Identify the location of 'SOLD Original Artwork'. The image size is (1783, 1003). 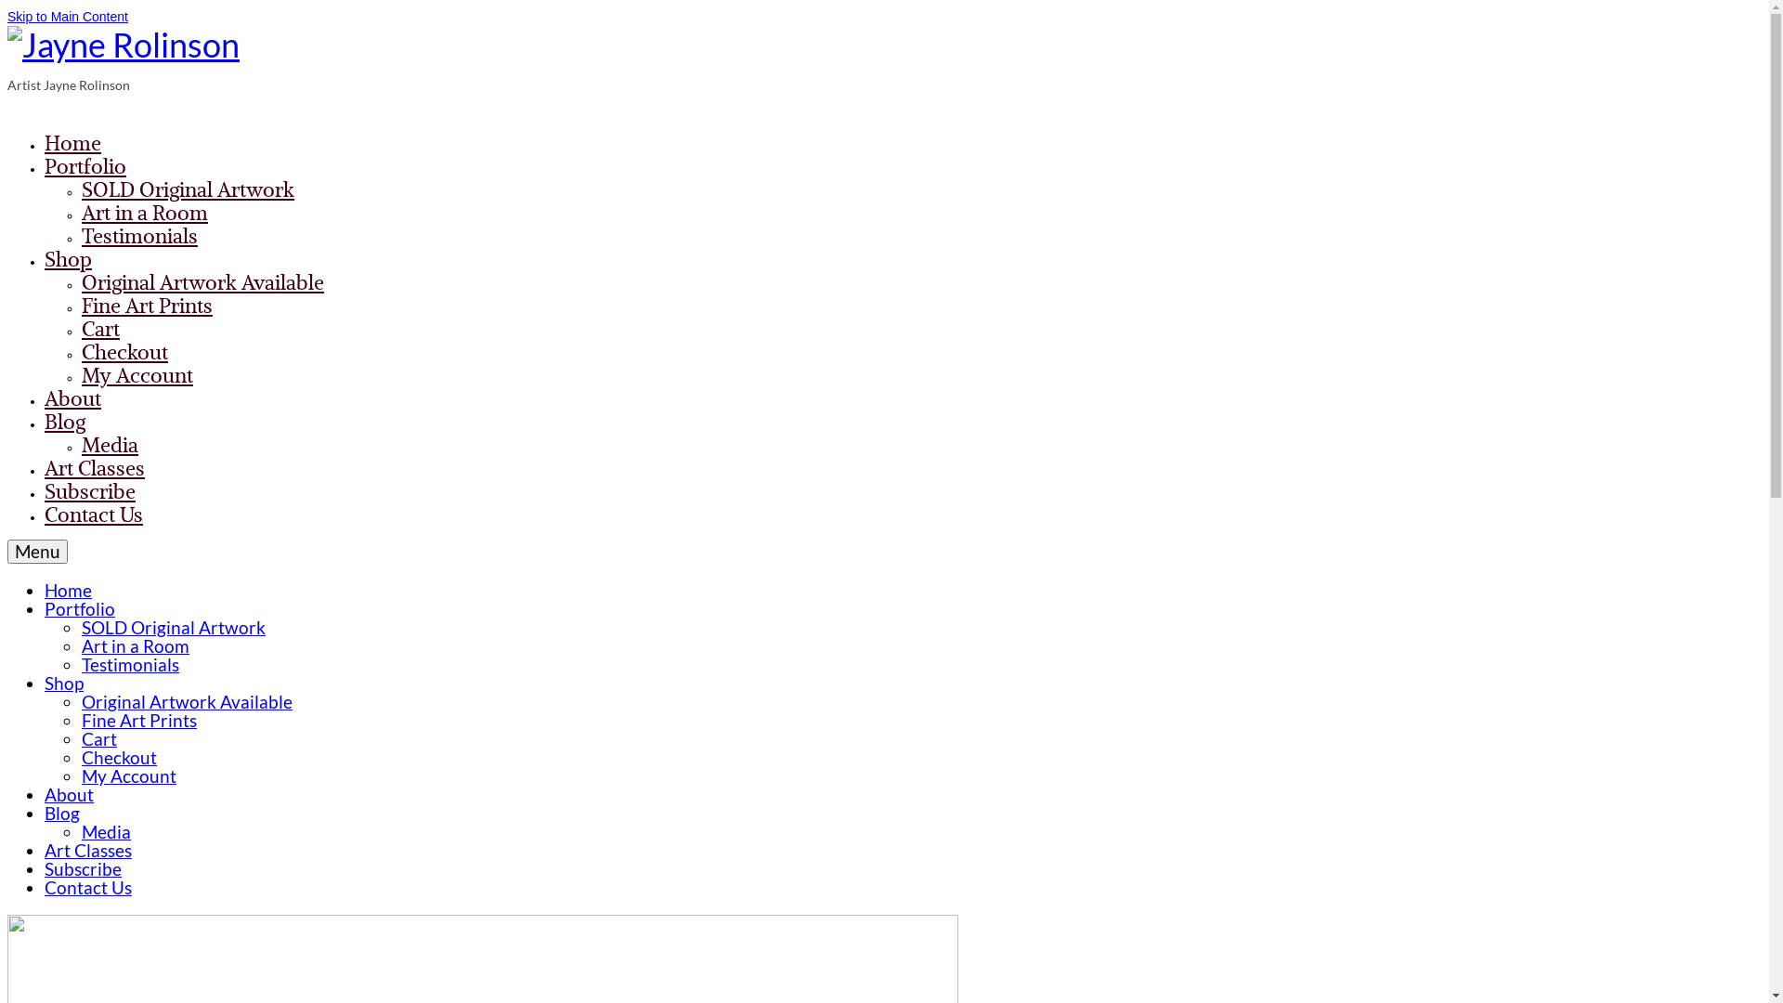
(174, 627).